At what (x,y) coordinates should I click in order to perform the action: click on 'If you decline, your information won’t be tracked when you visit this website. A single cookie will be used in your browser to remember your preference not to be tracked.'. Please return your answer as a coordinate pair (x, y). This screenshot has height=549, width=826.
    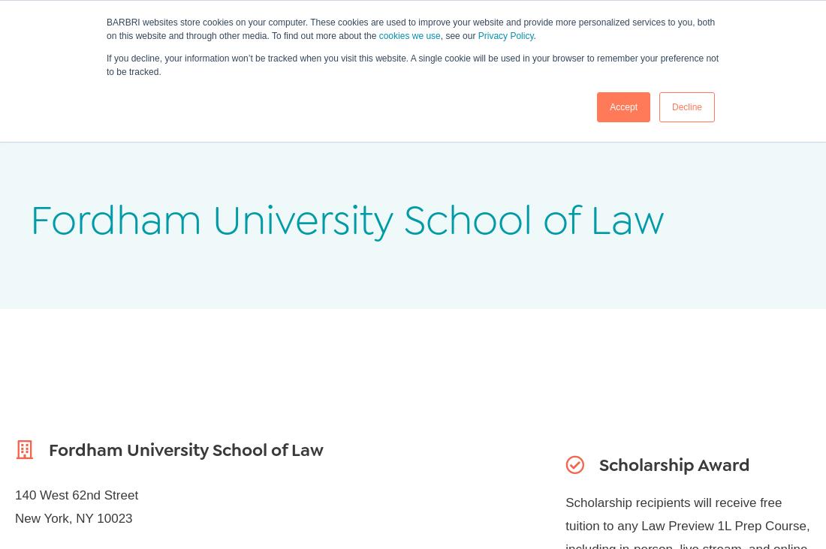
    Looking at the image, I should click on (106, 64).